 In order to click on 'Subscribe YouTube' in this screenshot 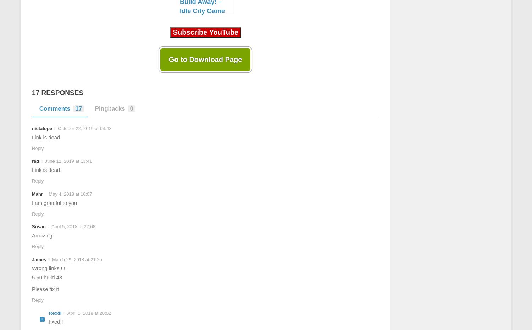, I will do `click(172, 32)`.